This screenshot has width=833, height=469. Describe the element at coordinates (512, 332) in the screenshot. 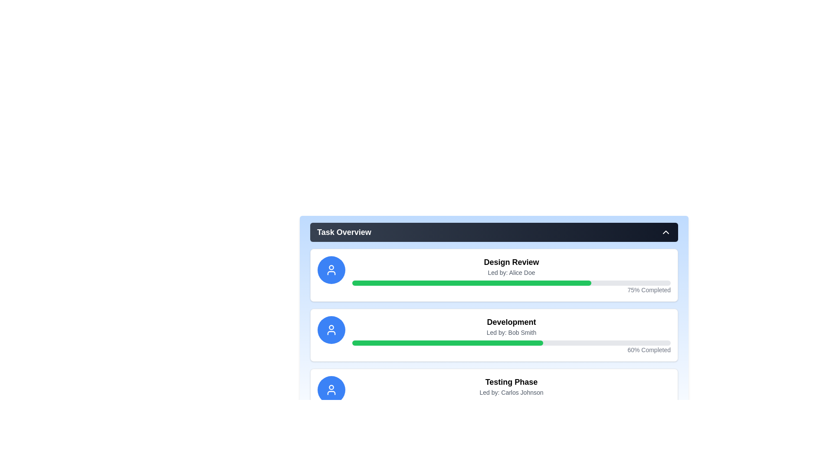

I see `the Text label that displays the name of the individual leading the task or project, which is positioned below the 'Development' title and above the progress bar elements` at that location.